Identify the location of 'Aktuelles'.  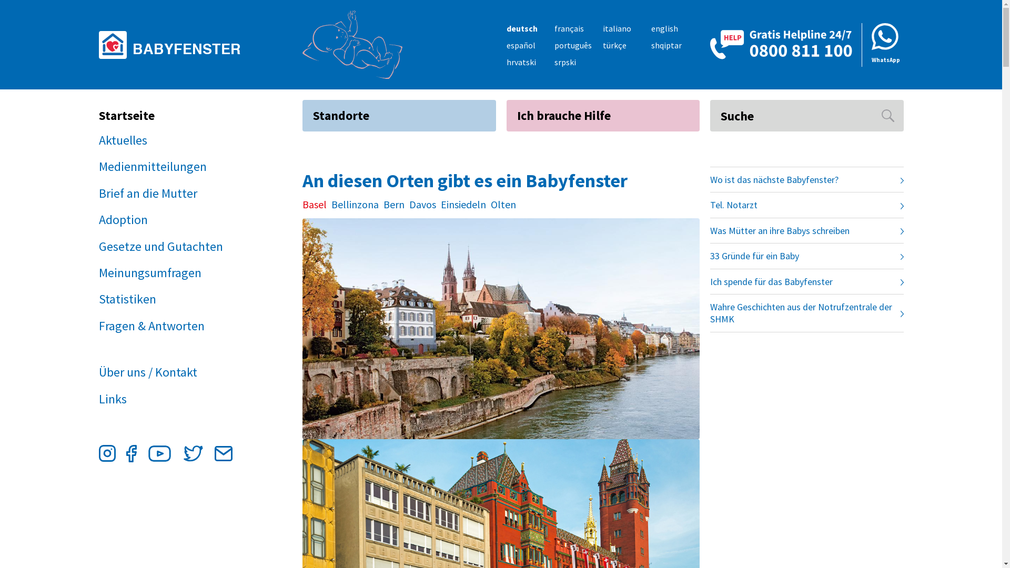
(176, 139).